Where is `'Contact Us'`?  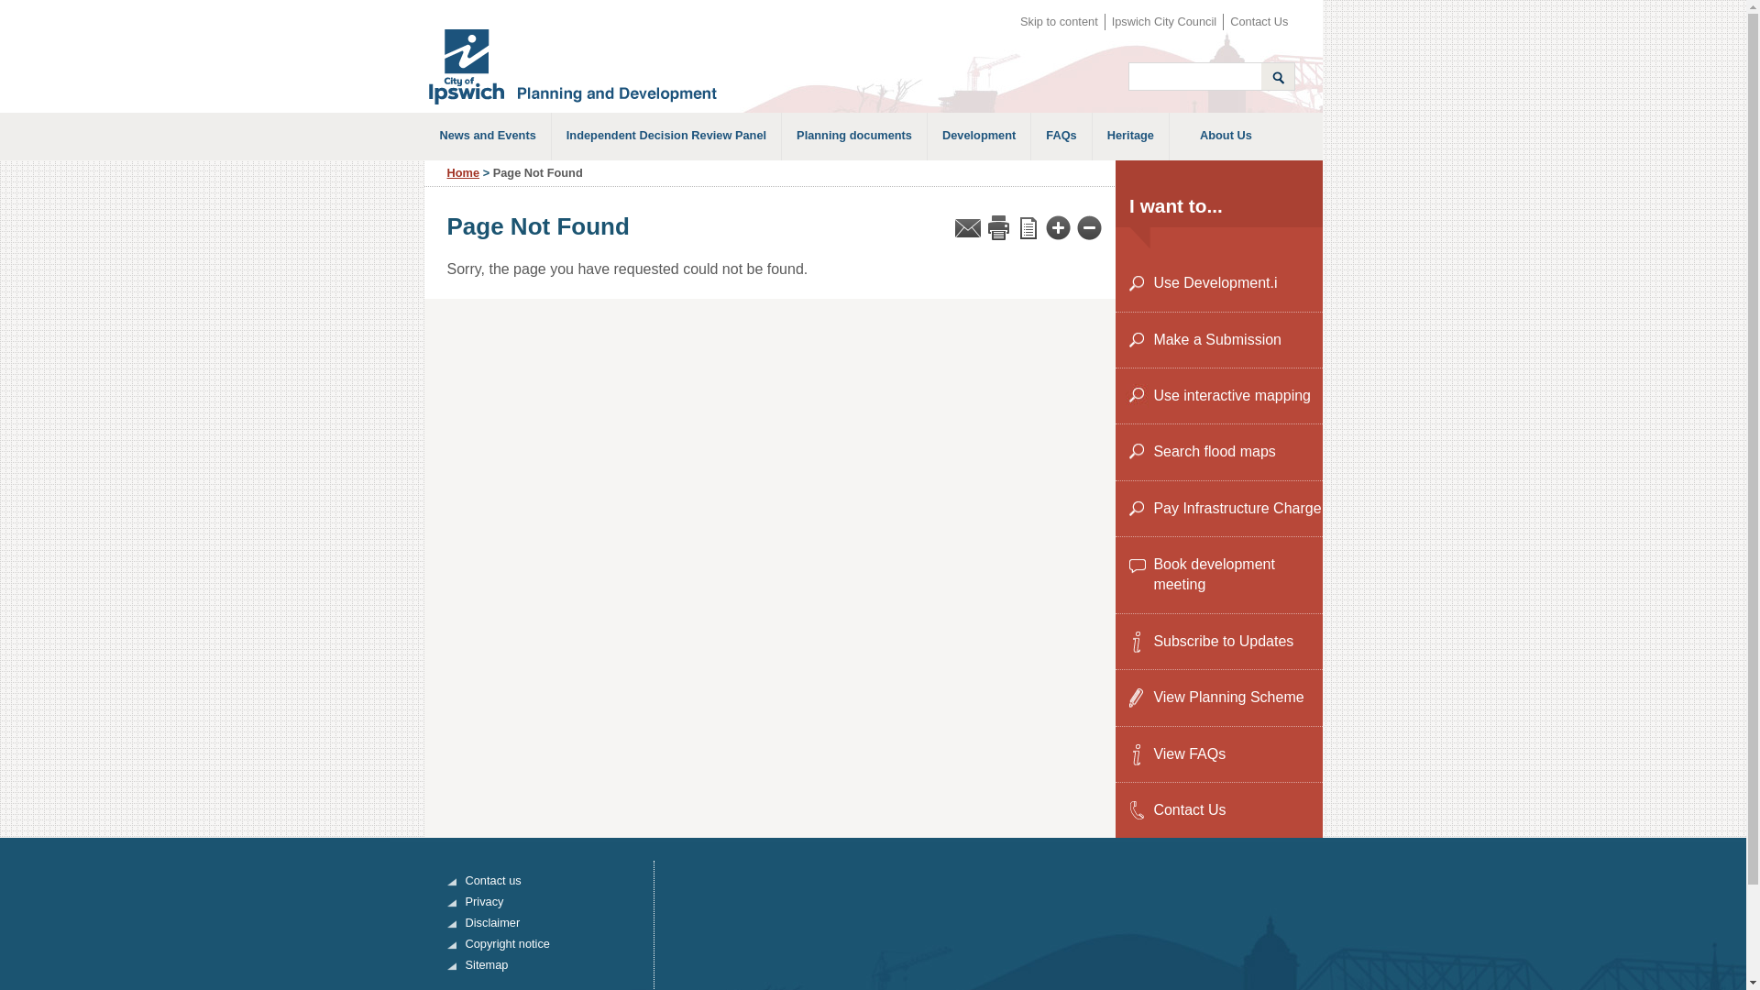
'Contact Us' is located at coordinates (1223, 808).